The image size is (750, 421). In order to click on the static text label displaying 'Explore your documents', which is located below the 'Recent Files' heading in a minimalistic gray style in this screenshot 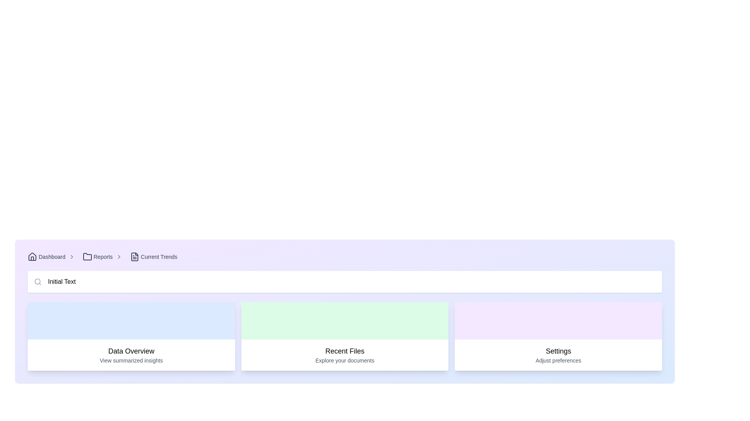, I will do `click(345, 361)`.